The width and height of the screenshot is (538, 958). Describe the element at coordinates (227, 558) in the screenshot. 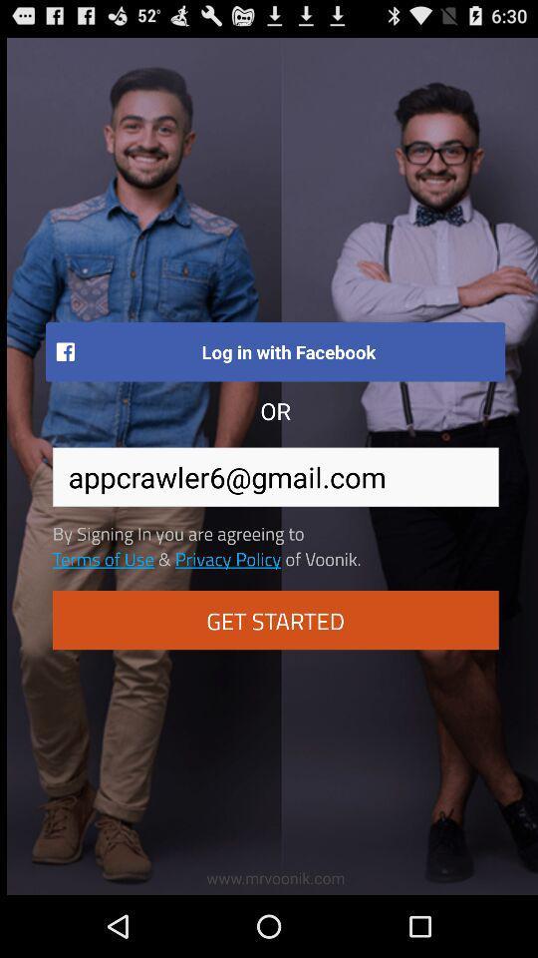

I see `the item to the right of  &` at that location.